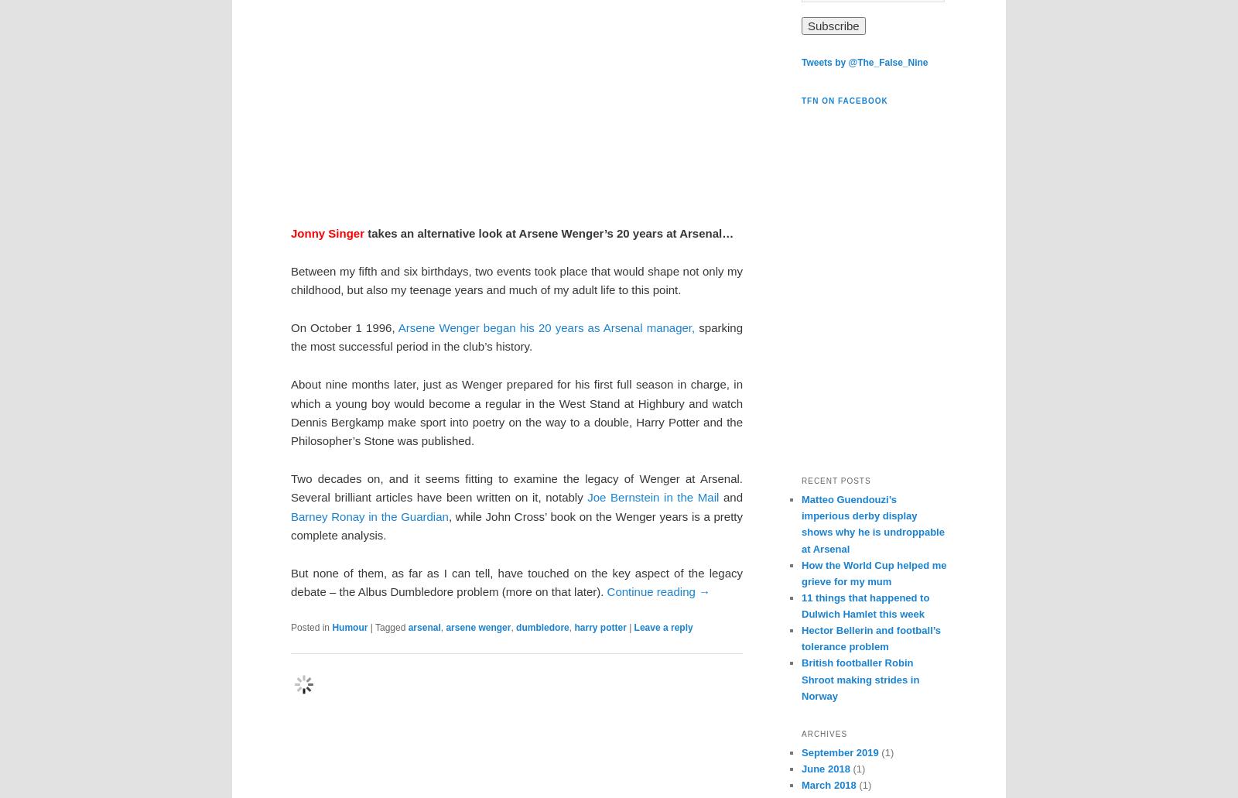  What do you see at coordinates (844, 100) in the screenshot?
I see `'TFN on Facebook'` at bounding box center [844, 100].